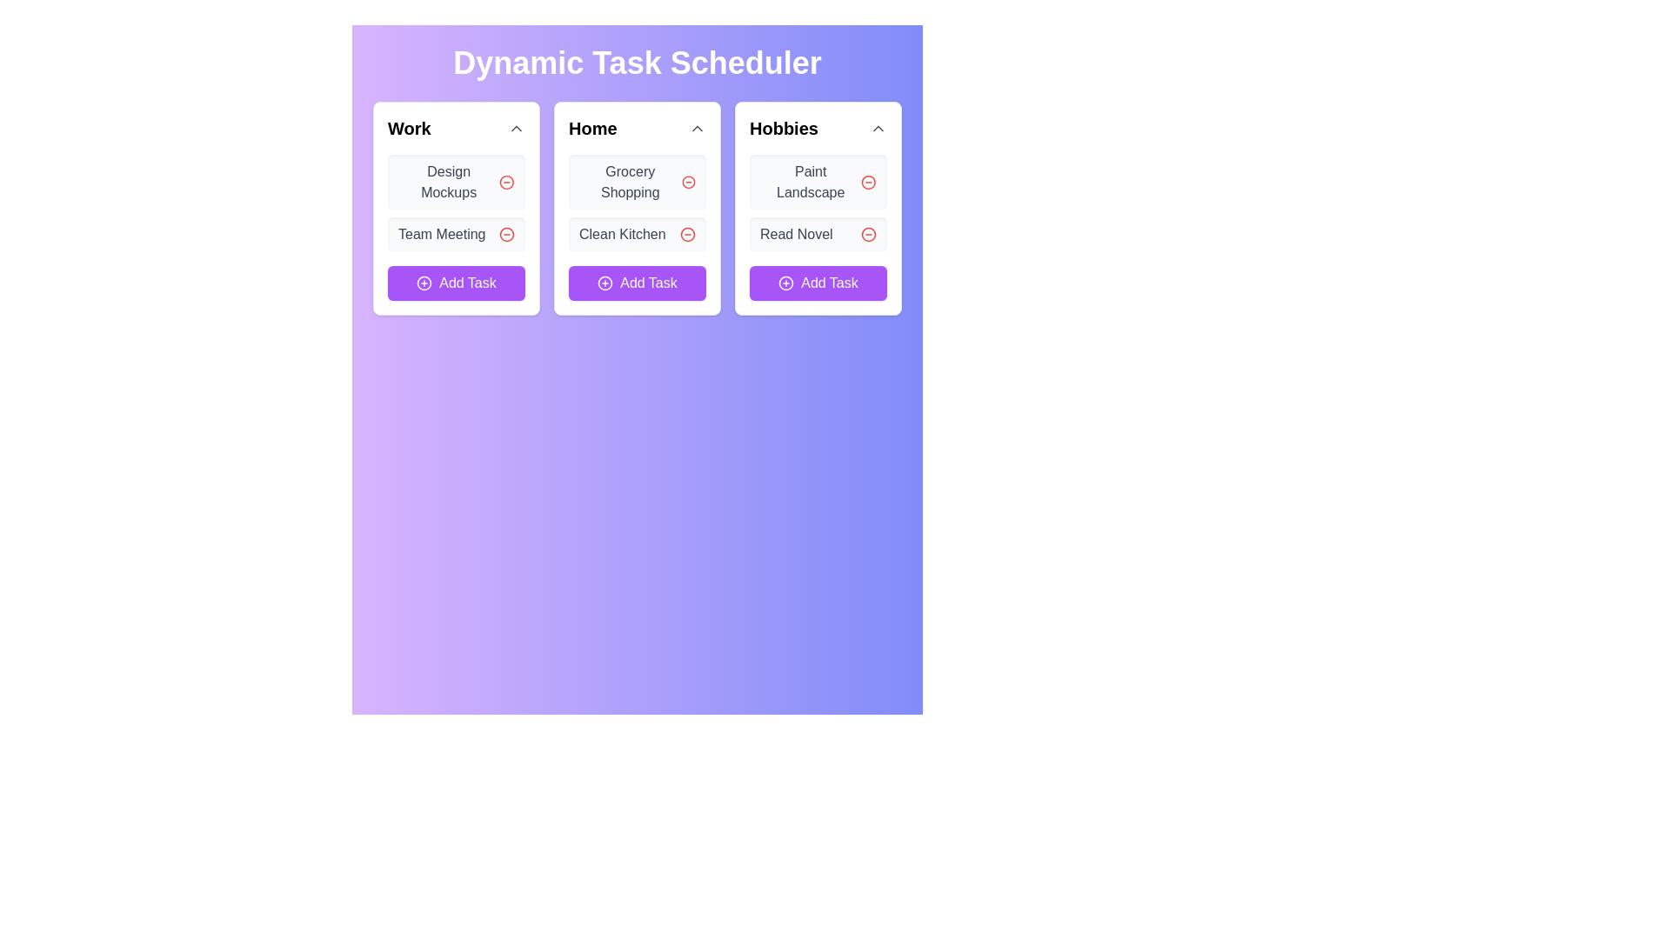 The image size is (1670, 939). Describe the element at coordinates (424, 283) in the screenshot. I see `the SVG icon representing a circle with a plus sign inside it, located within the 'Add Task' button at the bottom of the 'Work' column` at that location.